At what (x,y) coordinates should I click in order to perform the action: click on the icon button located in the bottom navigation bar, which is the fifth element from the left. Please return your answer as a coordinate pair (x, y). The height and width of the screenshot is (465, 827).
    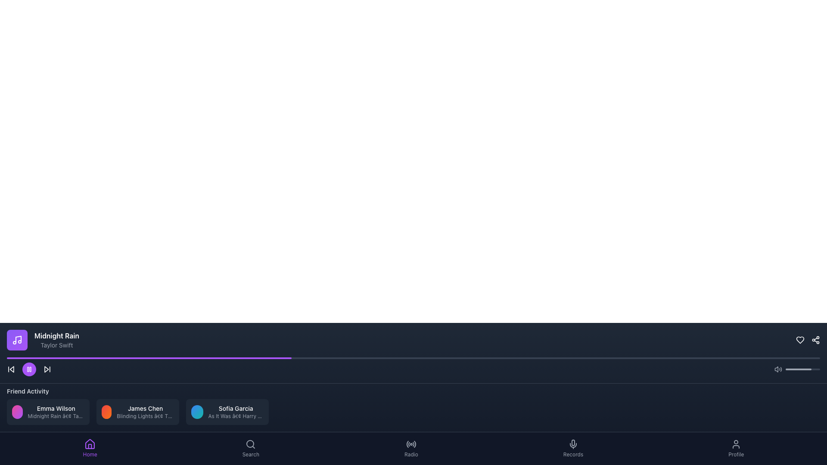
    Looking at the image, I should click on (415, 444).